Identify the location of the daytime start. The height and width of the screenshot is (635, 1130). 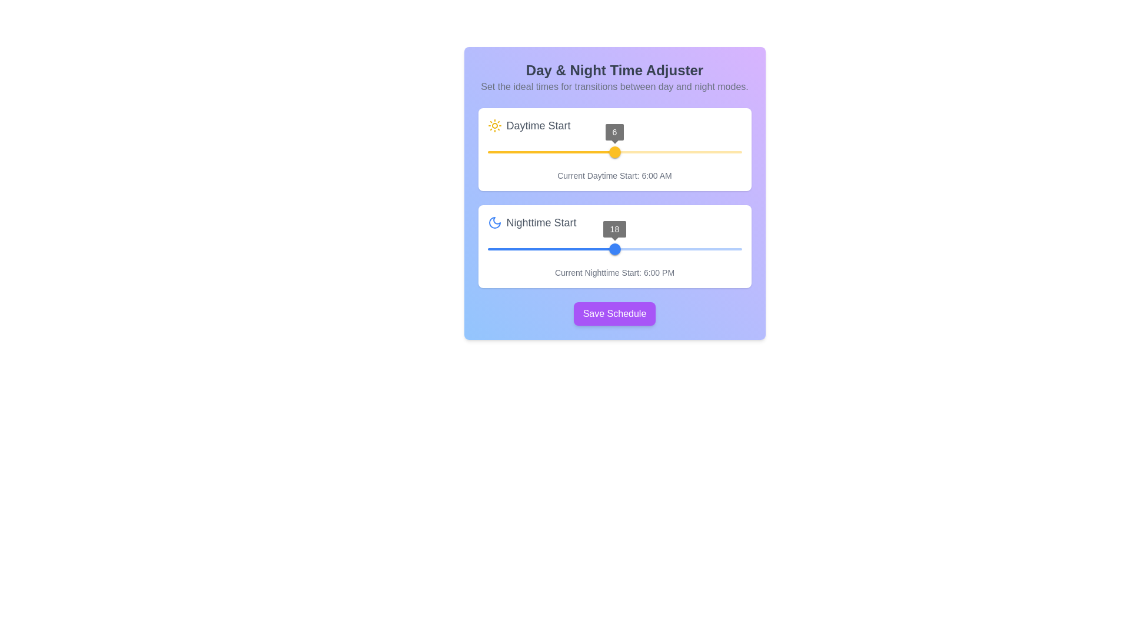
(720, 151).